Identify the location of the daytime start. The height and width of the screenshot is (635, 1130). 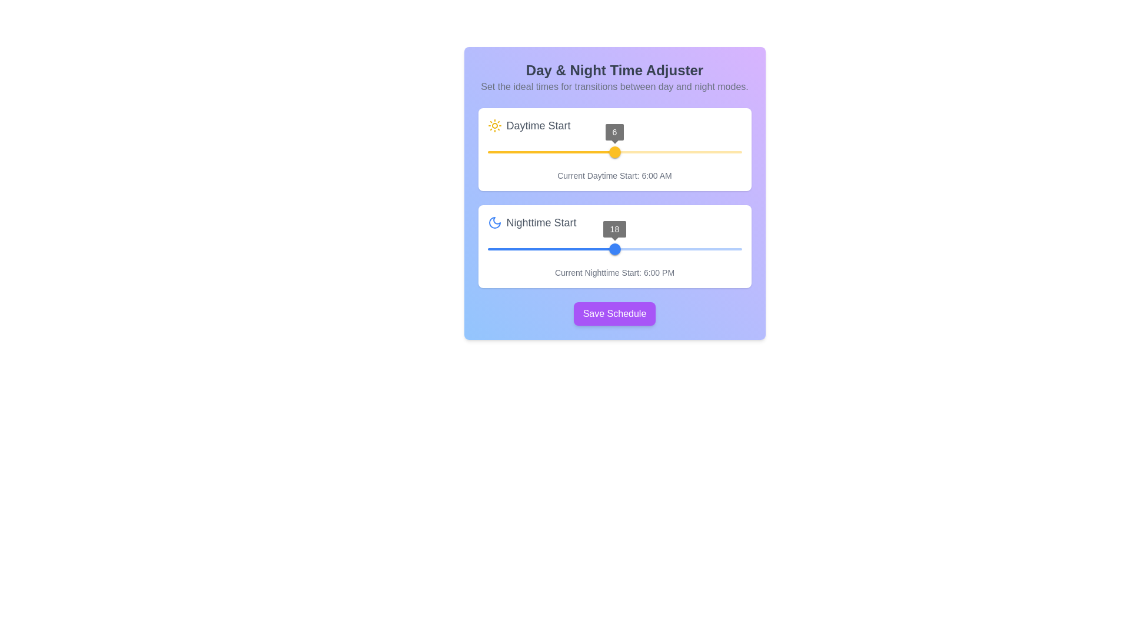
(720, 151).